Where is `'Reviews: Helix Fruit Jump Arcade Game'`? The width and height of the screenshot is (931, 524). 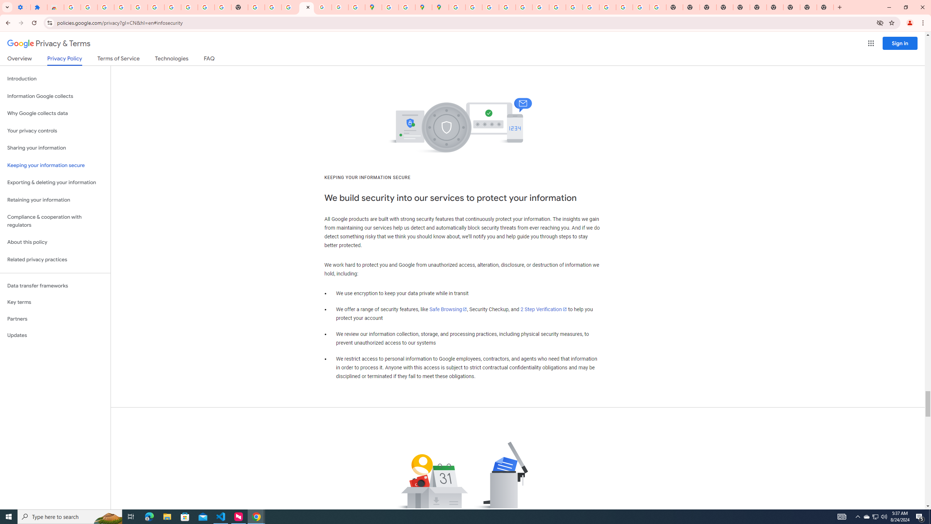
'Reviews: Helix Fruit Jump Arcade Game' is located at coordinates (55, 7).